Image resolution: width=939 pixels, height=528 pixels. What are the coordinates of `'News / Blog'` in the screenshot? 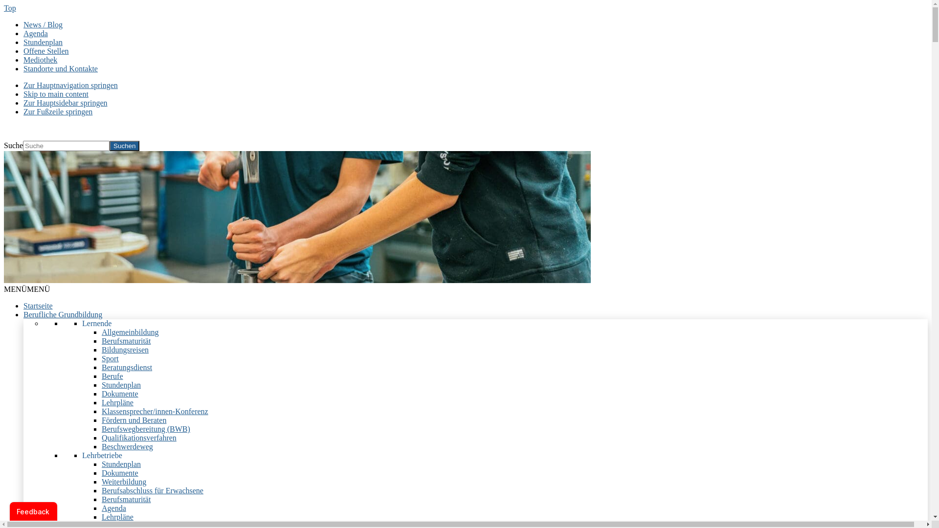 It's located at (42, 24).